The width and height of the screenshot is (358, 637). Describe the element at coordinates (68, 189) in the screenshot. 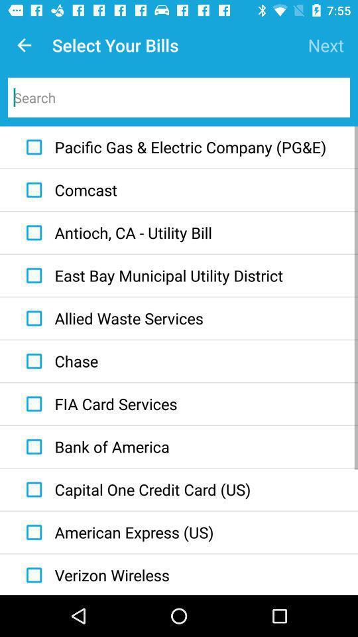

I see `the comcast icon` at that location.